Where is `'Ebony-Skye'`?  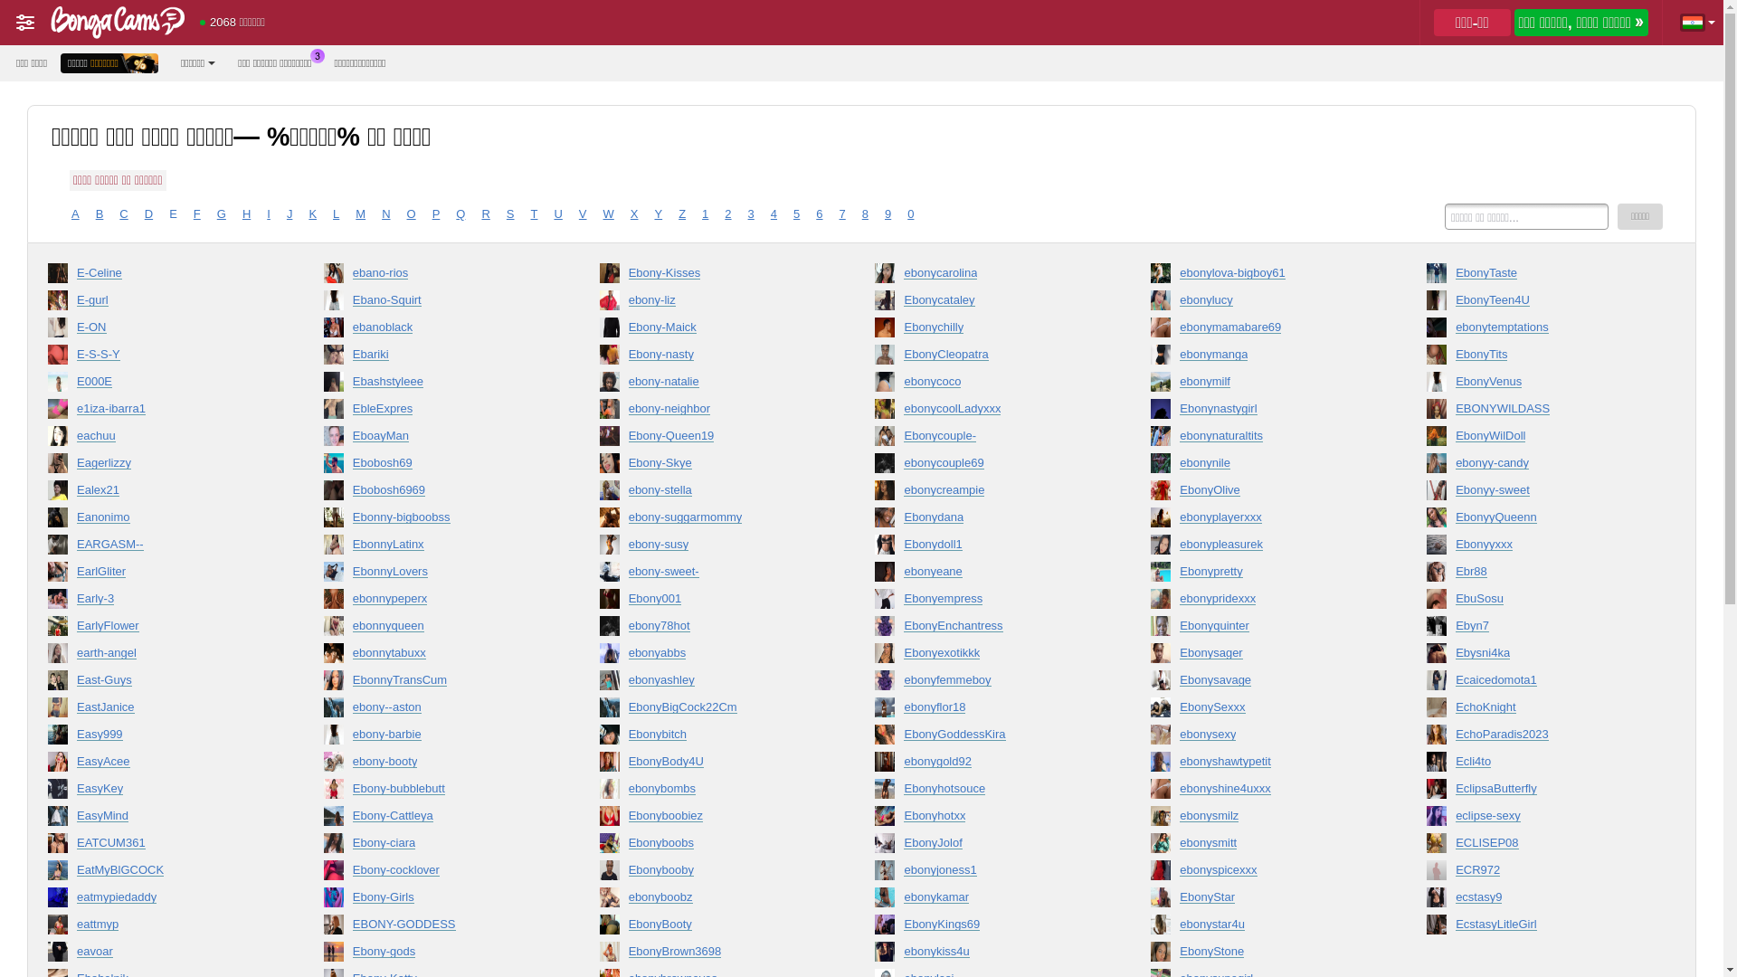 'Ebony-Skye' is located at coordinates (711, 466).